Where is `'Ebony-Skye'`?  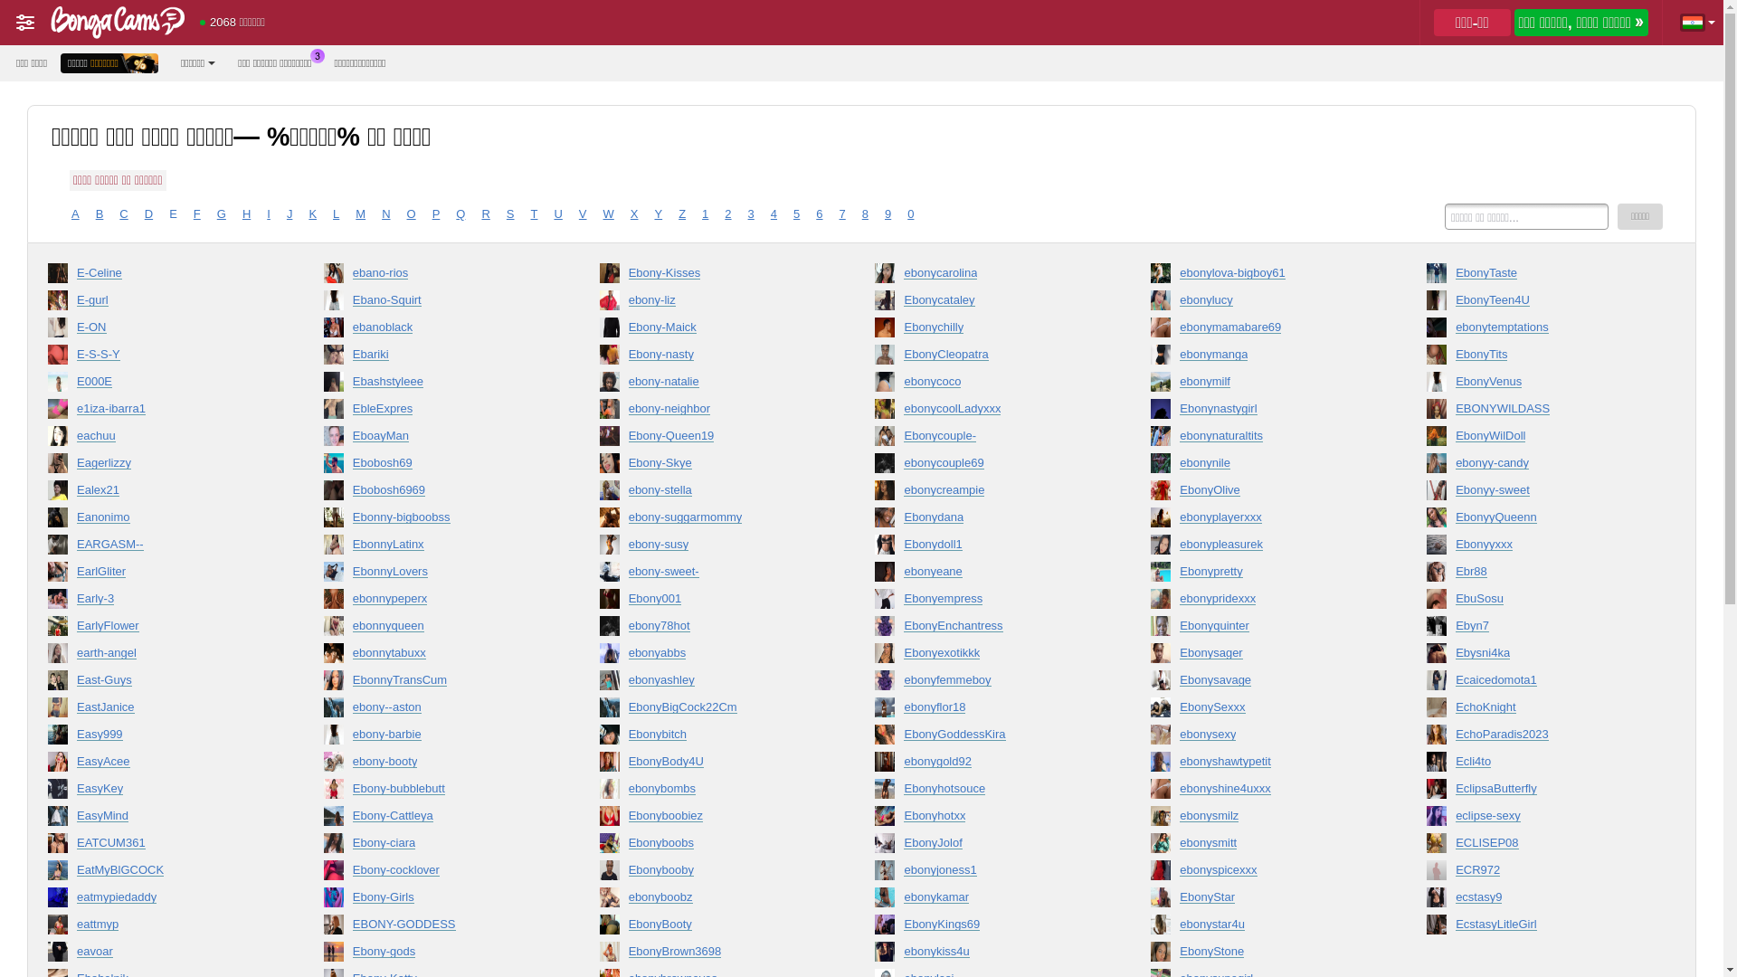 'Ebony-Skye' is located at coordinates (711, 466).